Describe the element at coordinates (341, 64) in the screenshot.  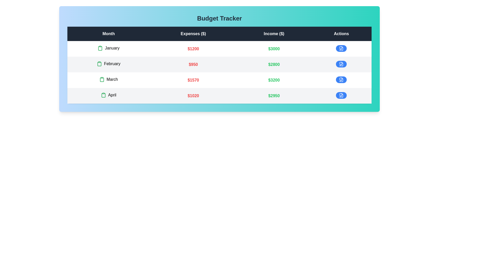
I see `edit button for the row corresponding to February` at that location.